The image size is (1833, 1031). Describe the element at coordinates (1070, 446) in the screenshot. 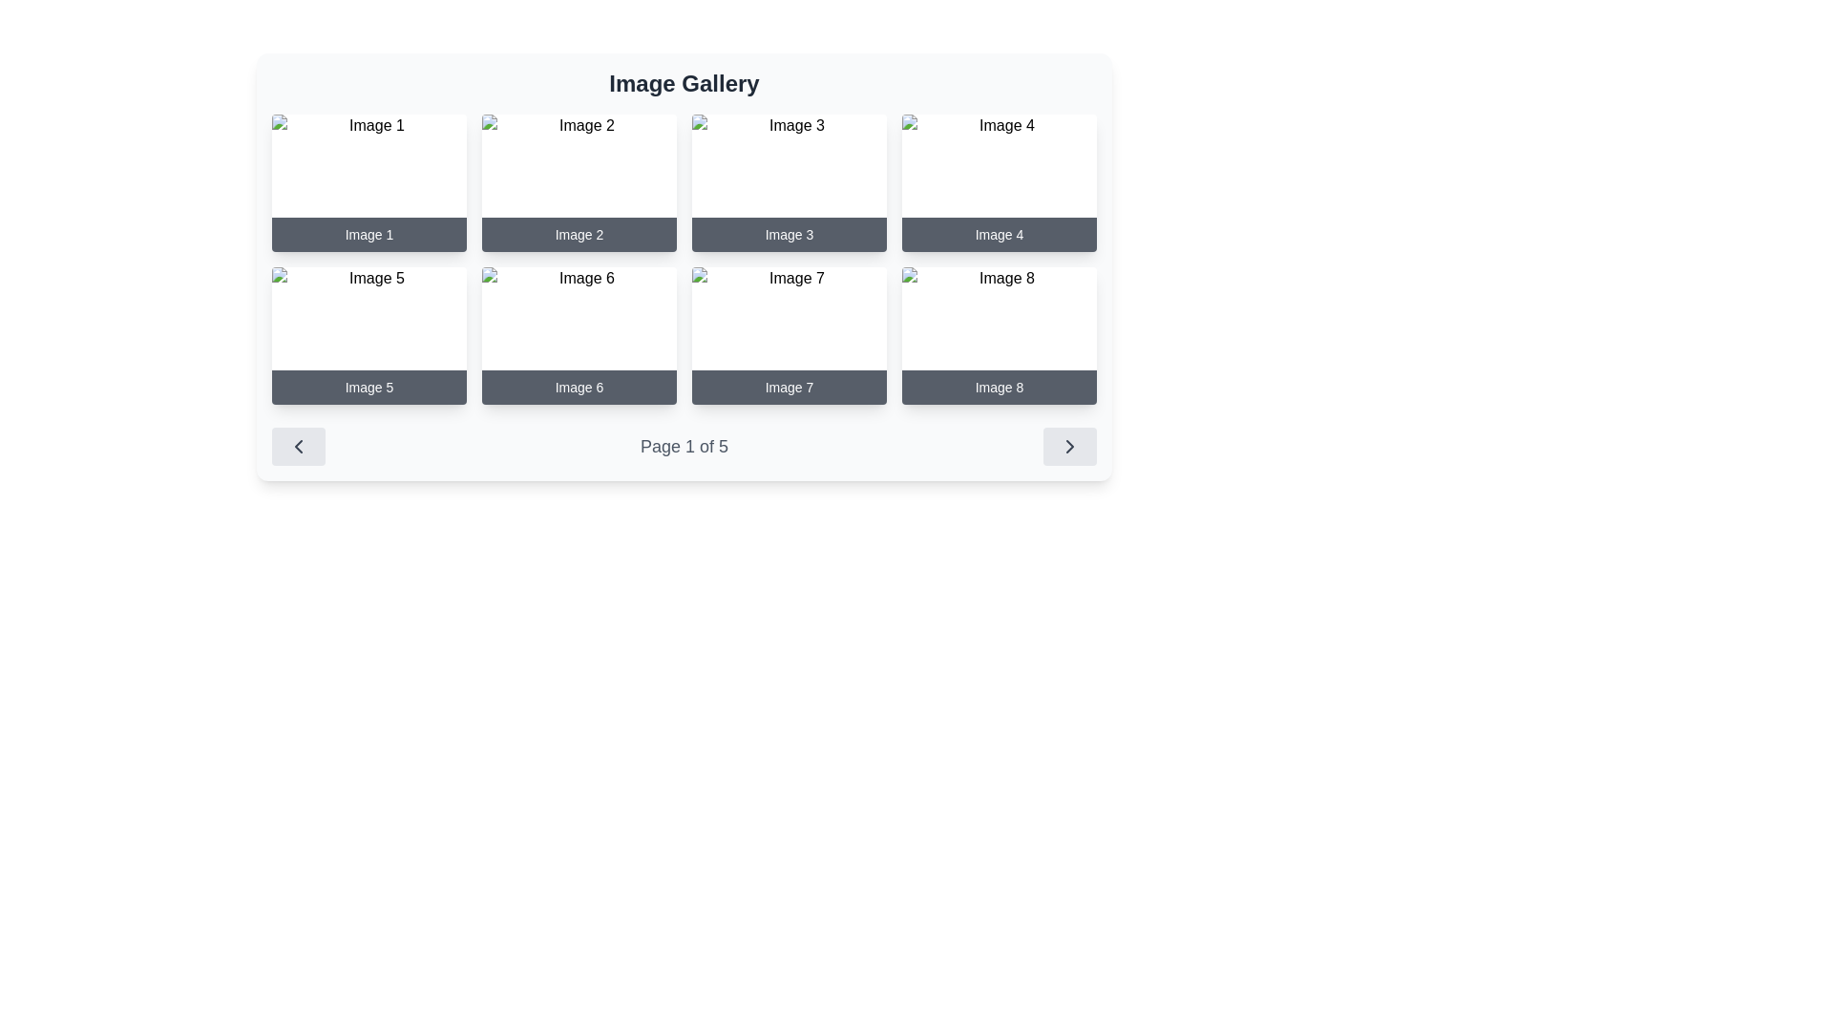

I see `the forward pagination chevron icon located in the bottom-right corner of the interface to observe interactive effects` at that location.